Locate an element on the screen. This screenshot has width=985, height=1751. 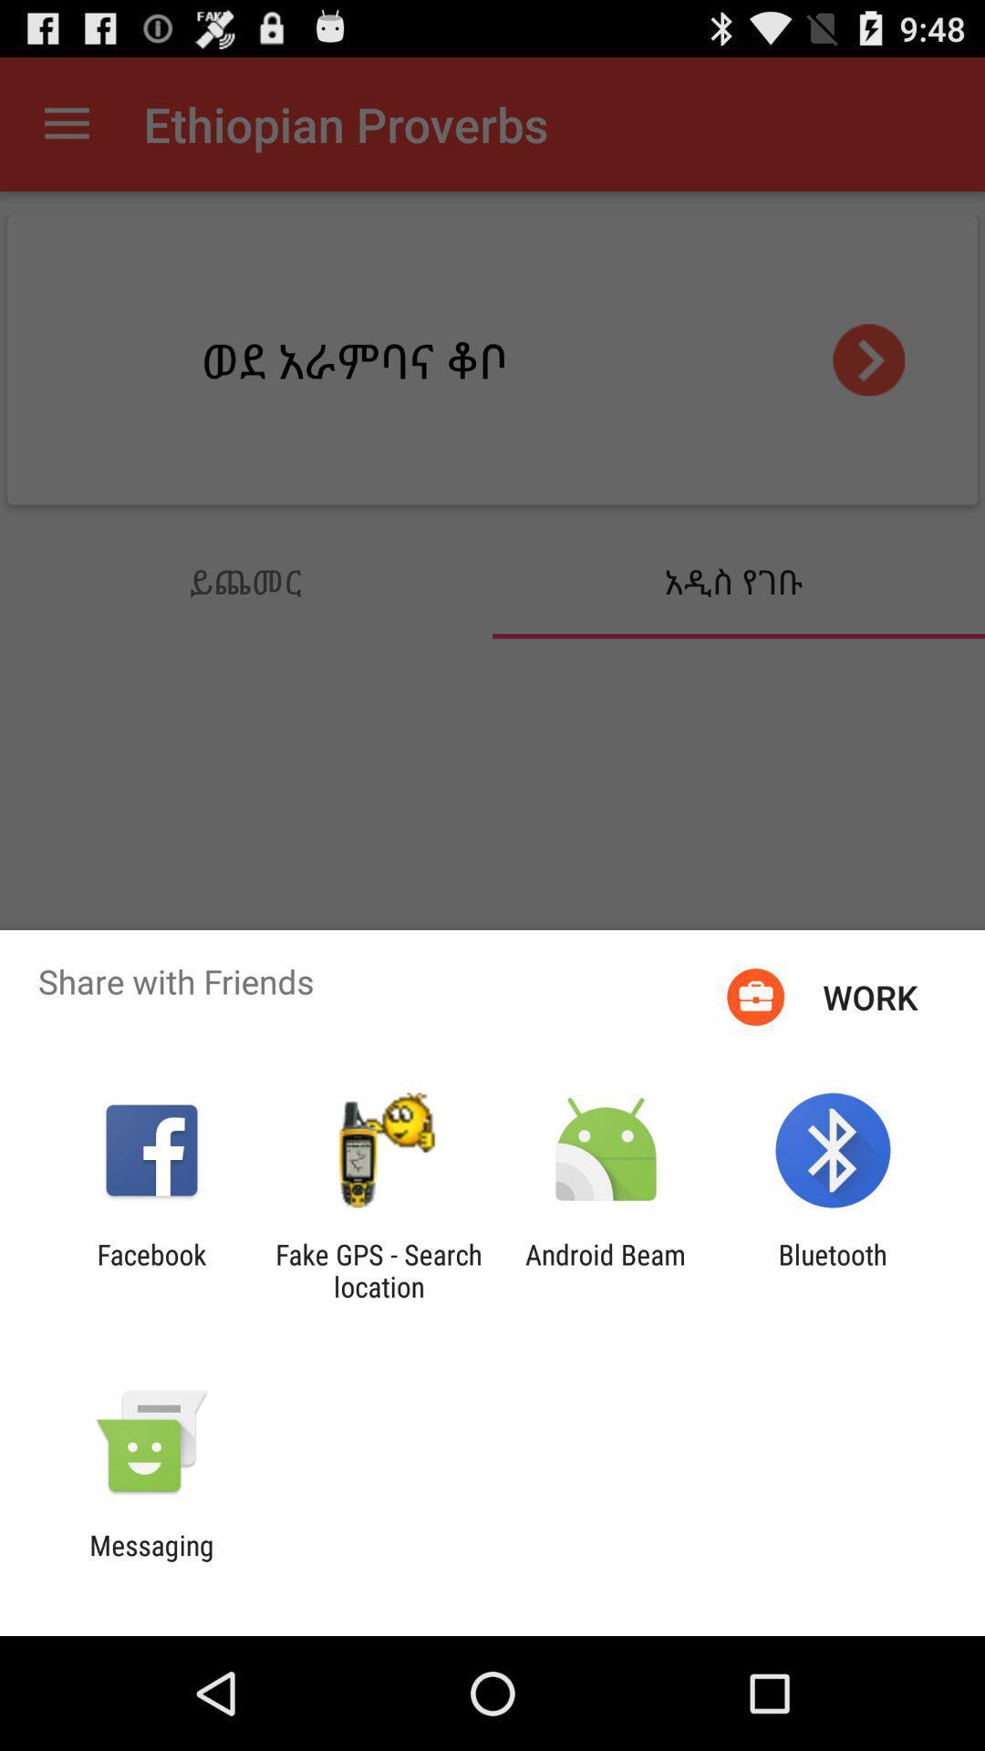
fake gps search item is located at coordinates (378, 1269).